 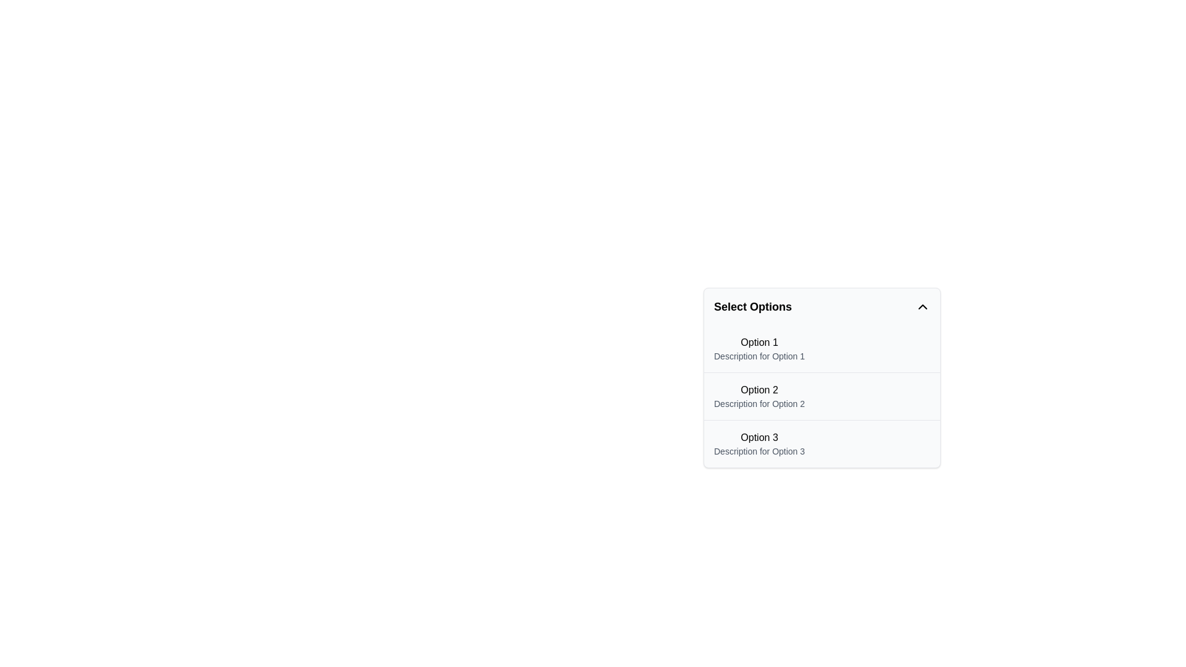 What do you see at coordinates (759, 396) in the screenshot?
I see `the list item element labeled 'Option 2'` at bounding box center [759, 396].